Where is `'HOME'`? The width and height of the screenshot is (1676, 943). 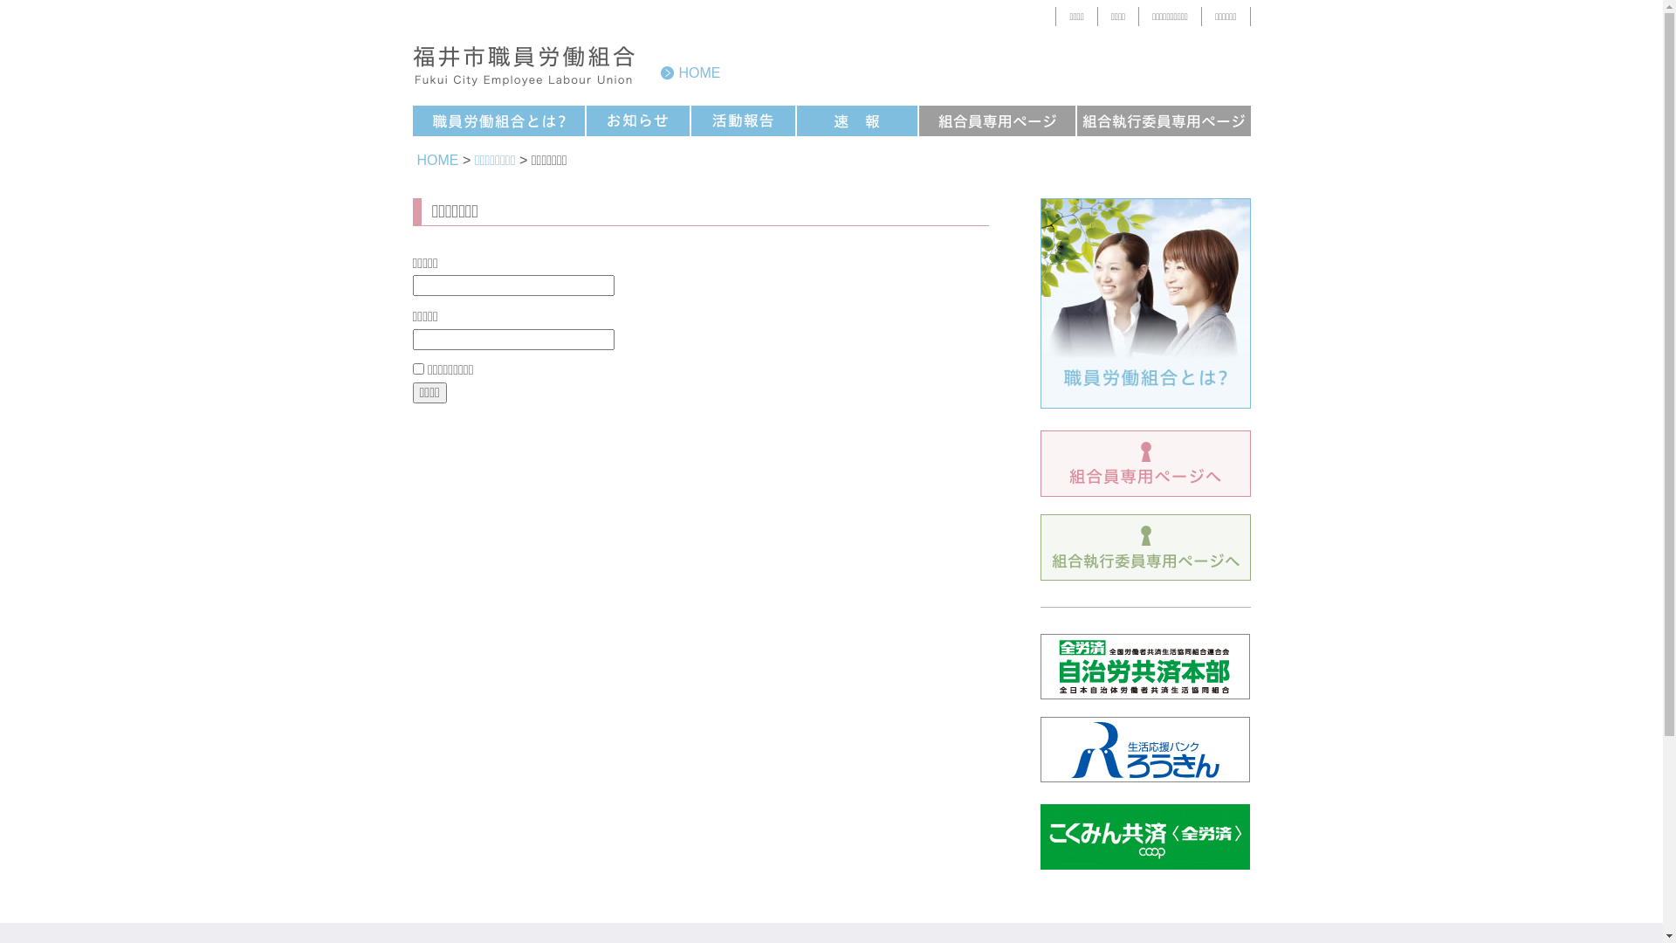
'HOME' is located at coordinates (438, 160).